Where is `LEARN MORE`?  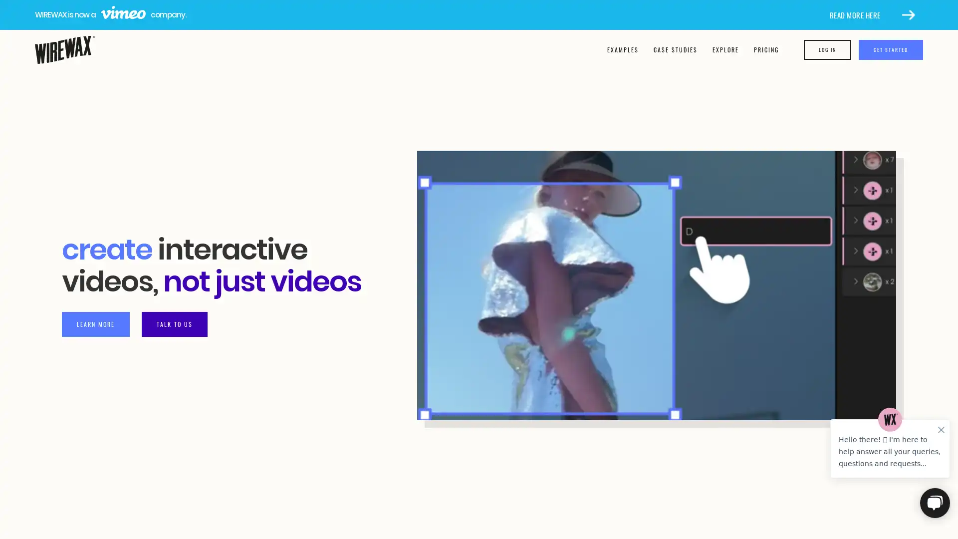 LEARN MORE is located at coordinates (96, 323).